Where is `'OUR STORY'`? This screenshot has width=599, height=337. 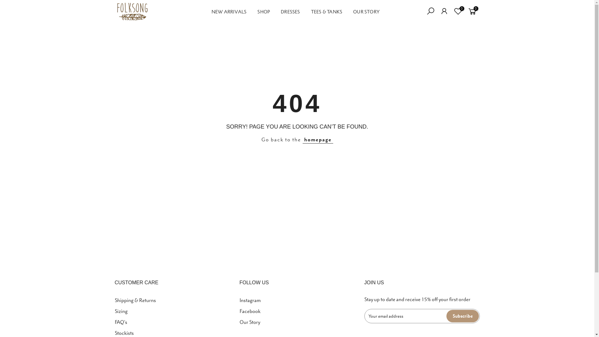 'OUR STORY' is located at coordinates (367, 12).